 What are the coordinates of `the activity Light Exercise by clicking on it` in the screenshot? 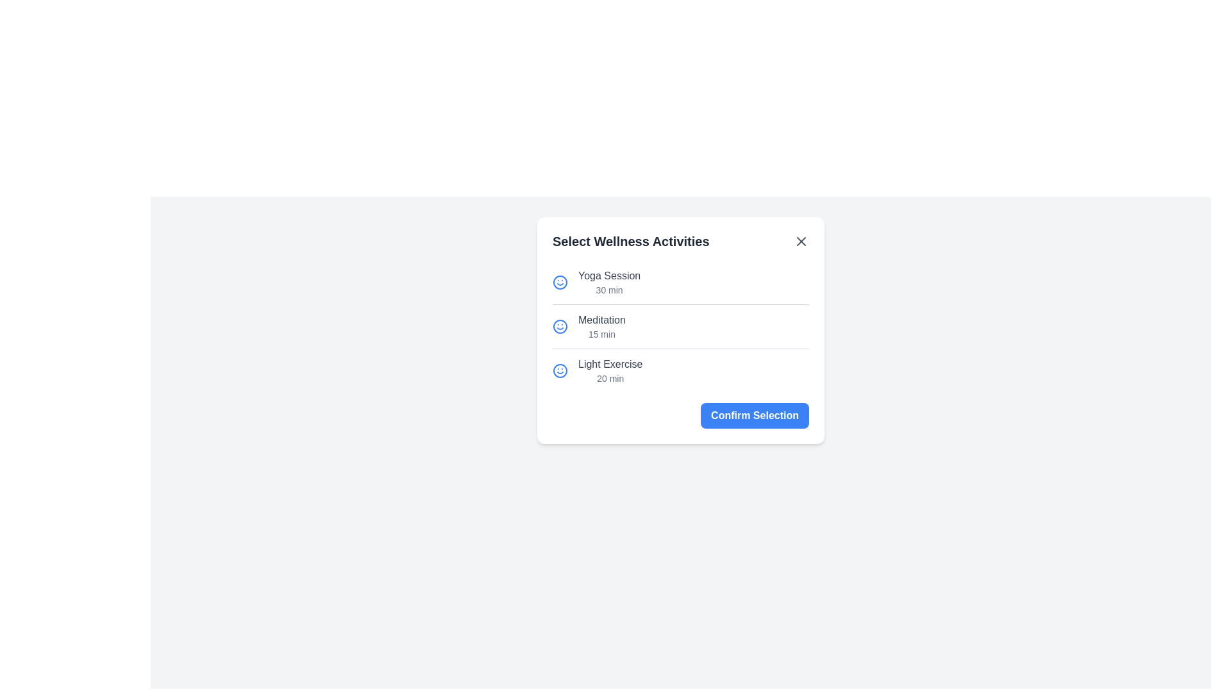 It's located at (680, 370).